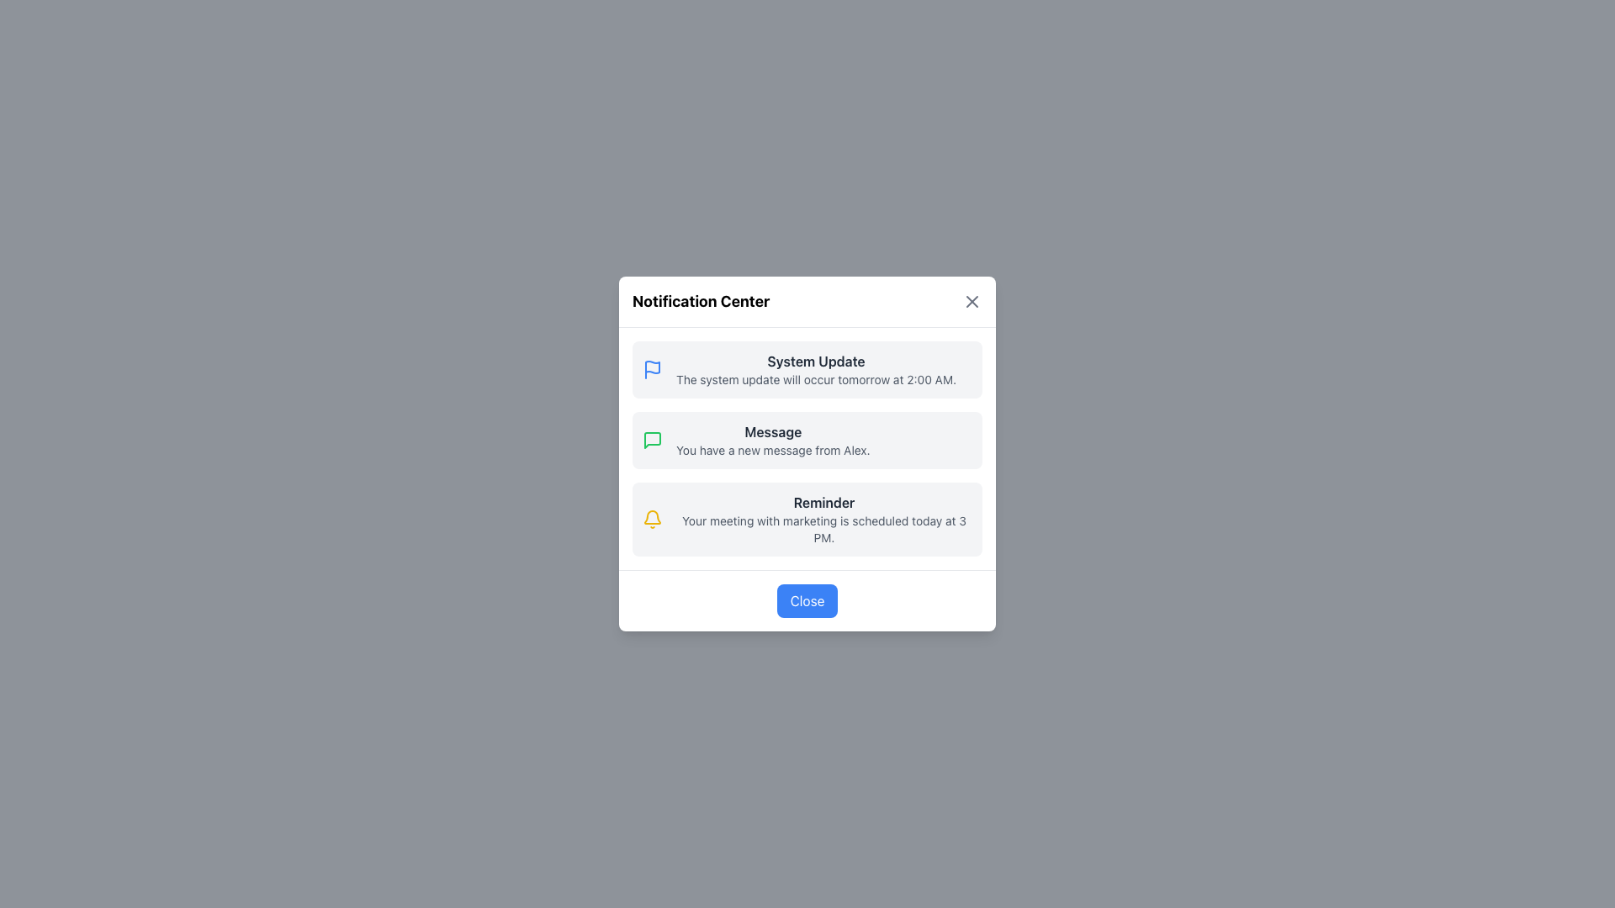 This screenshot has width=1615, height=908. I want to click on the notification panel with rounded corners and a white background that contains items labeled 'System Update', 'Message', and 'Reminder', along with a blue 'Close' button, so click(807, 454).